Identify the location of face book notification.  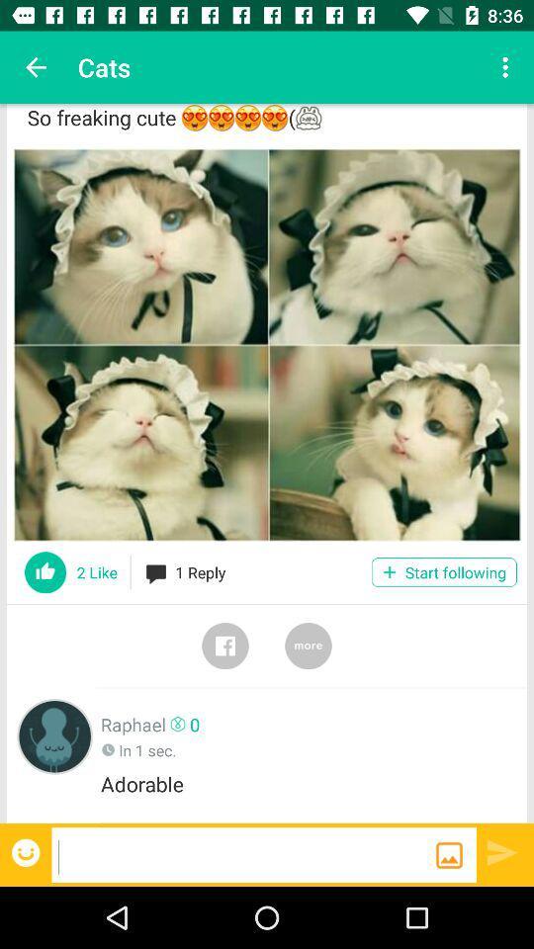
(223, 645).